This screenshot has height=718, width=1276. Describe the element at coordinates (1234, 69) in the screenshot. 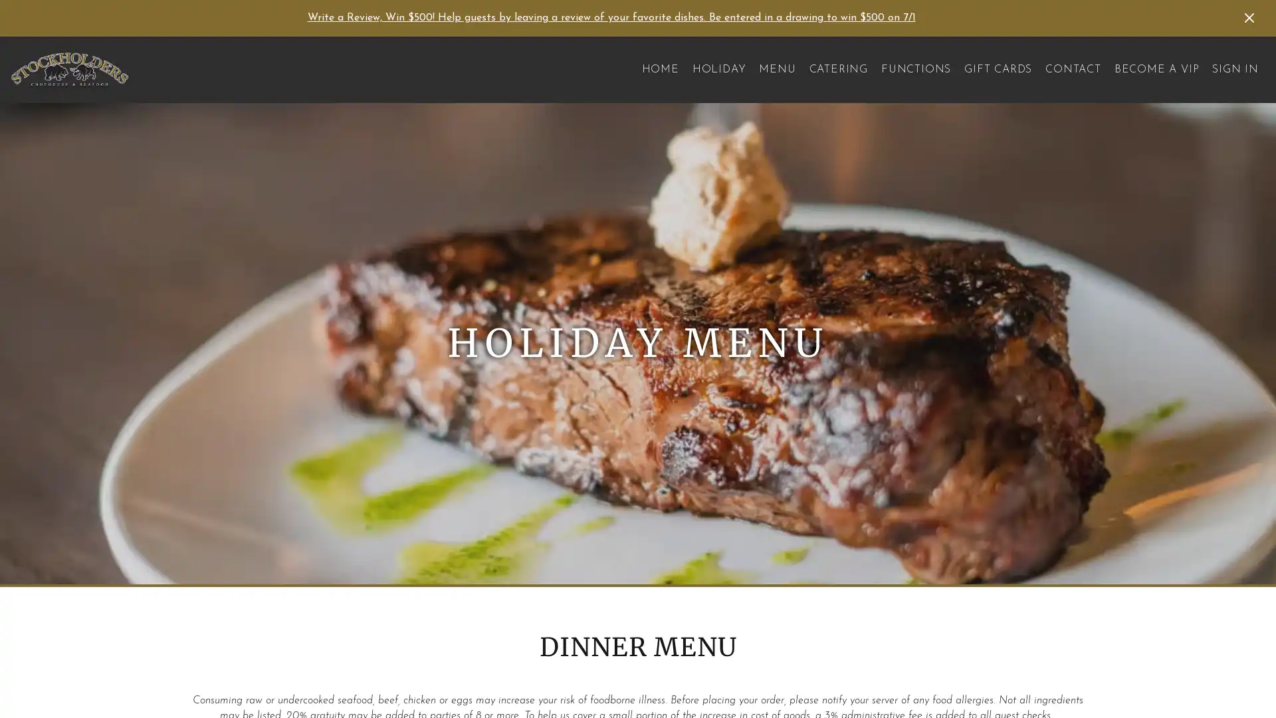

I see `SIGN IN` at that location.